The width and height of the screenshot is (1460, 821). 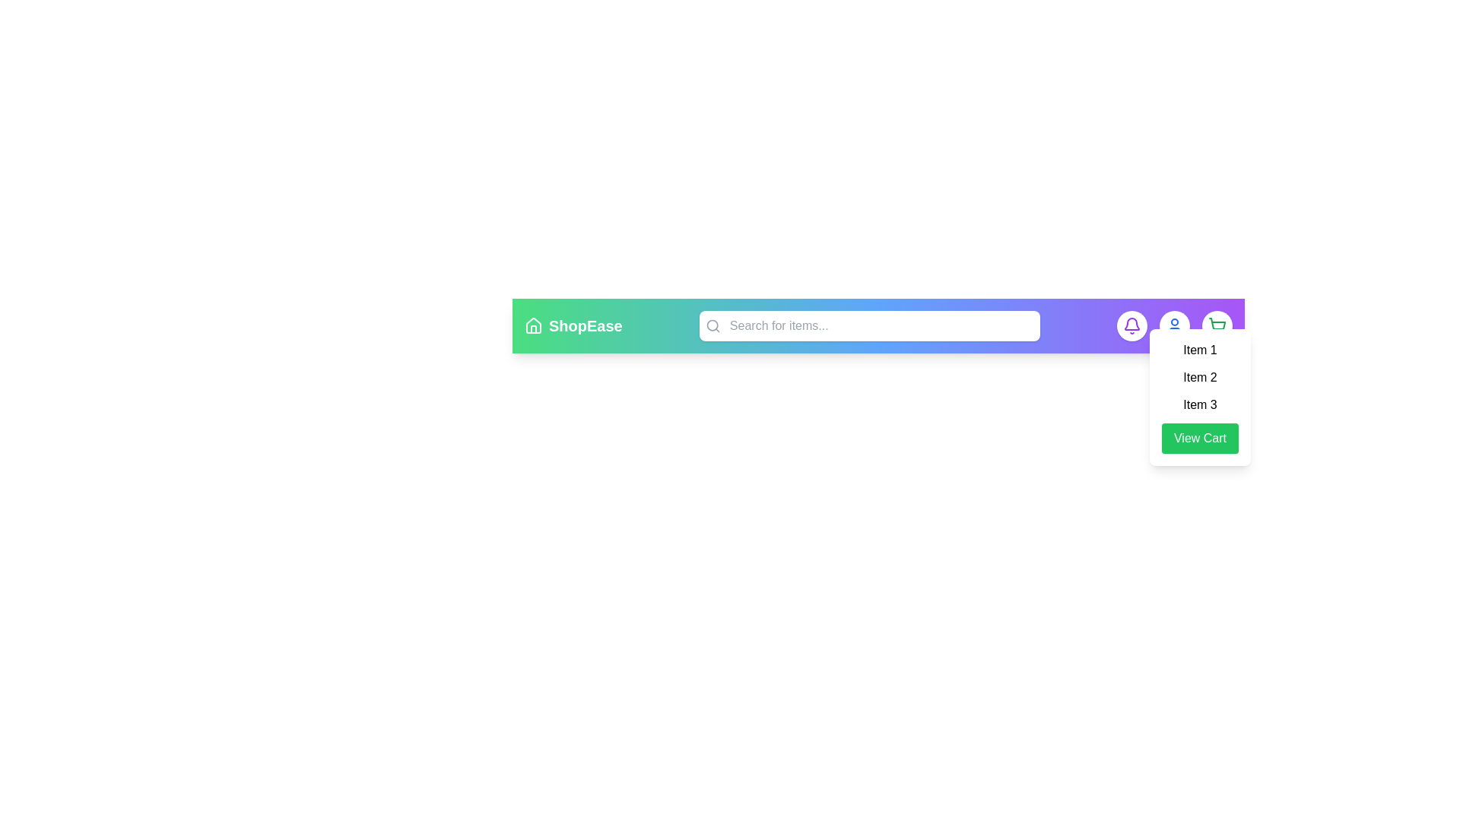 What do you see at coordinates (1199, 439) in the screenshot?
I see `'View Cart' button in the dropdown menu` at bounding box center [1199, 439].